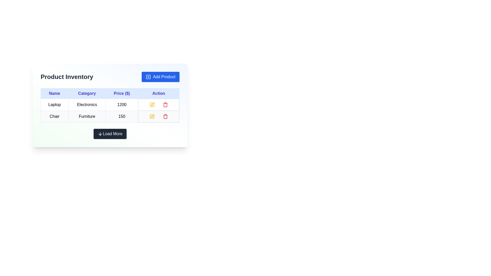 The image size is (491, 276). What do you see at coordinates (110, 134) in the screenshot?
I see `the 'Load More' button located directly below the product table to load additional items` at bounding box center [110, 134].